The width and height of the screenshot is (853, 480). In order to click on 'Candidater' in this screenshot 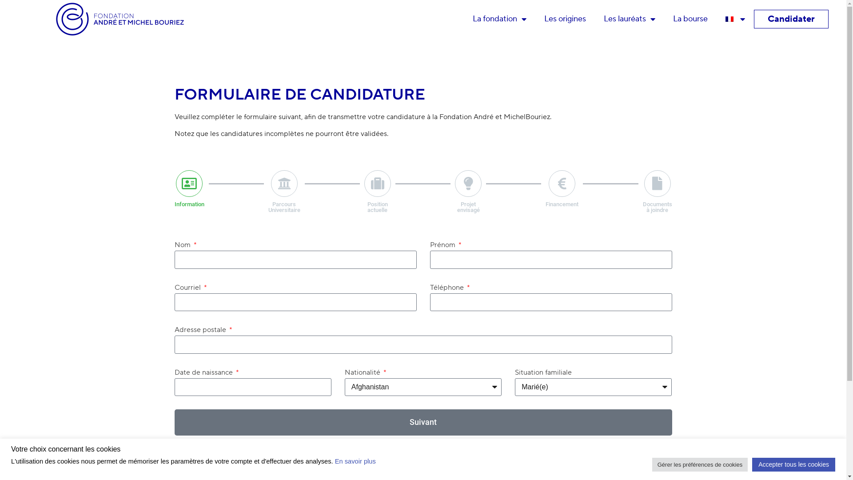, I will do `click(767, 19)`.